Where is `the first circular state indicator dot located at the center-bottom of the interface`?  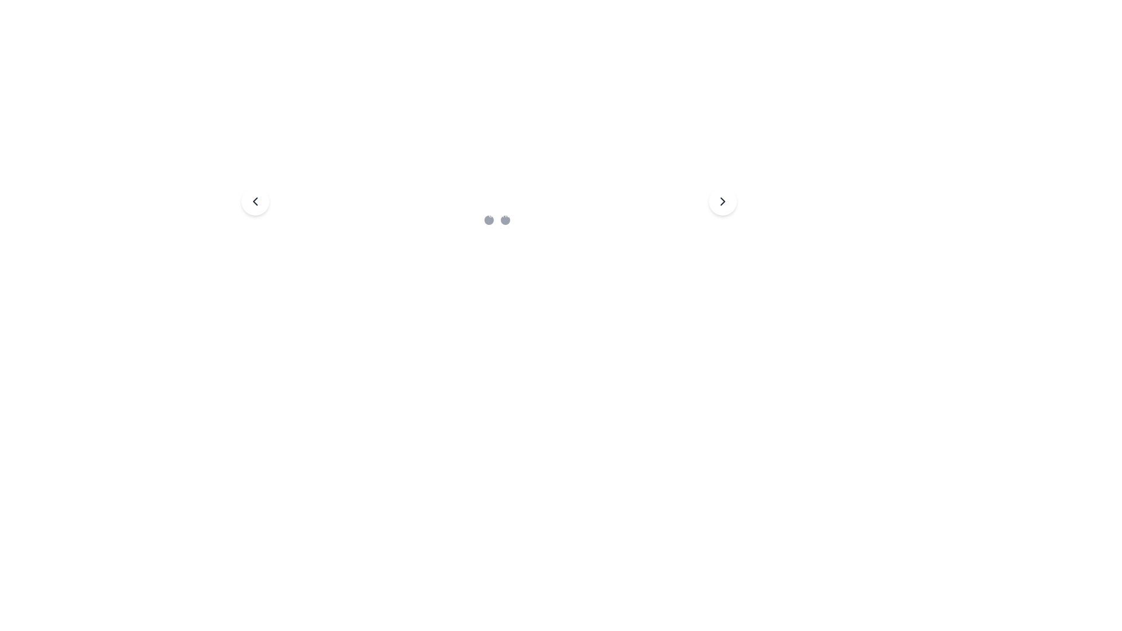
the first circular state indicator dot located at the center-bottom of the interface is located at coordinates (472, 220).